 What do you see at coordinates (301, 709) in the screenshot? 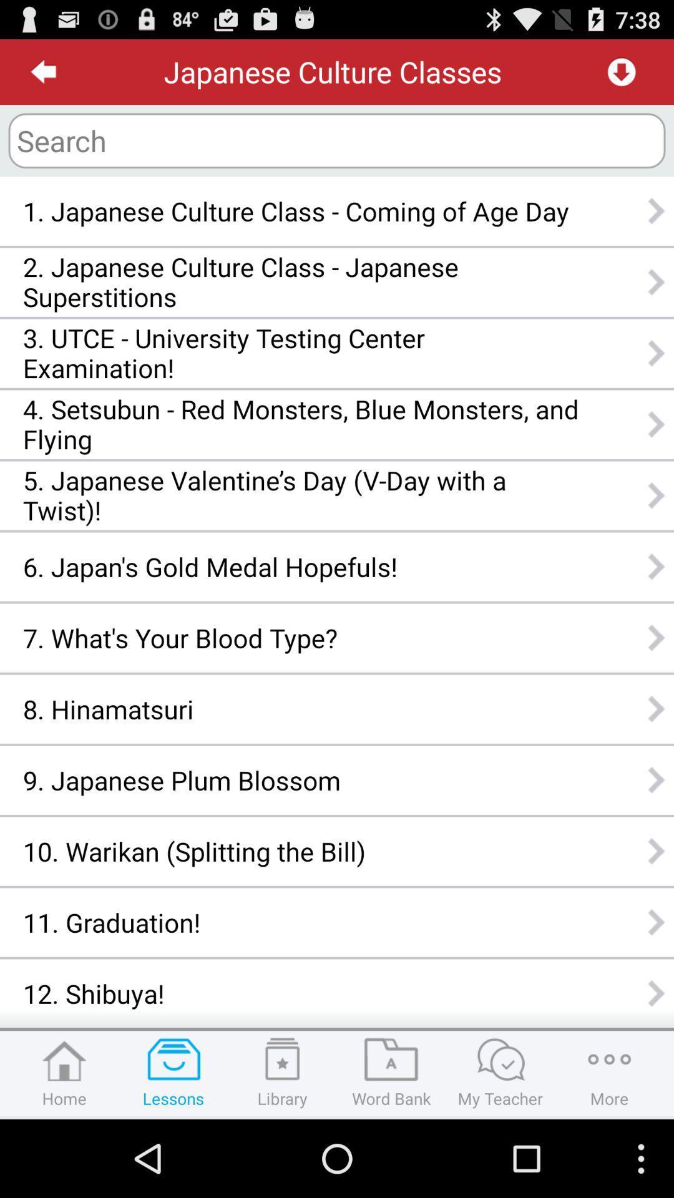
I see `the item above 9 japanese plum` at bounding box center [301, 709].